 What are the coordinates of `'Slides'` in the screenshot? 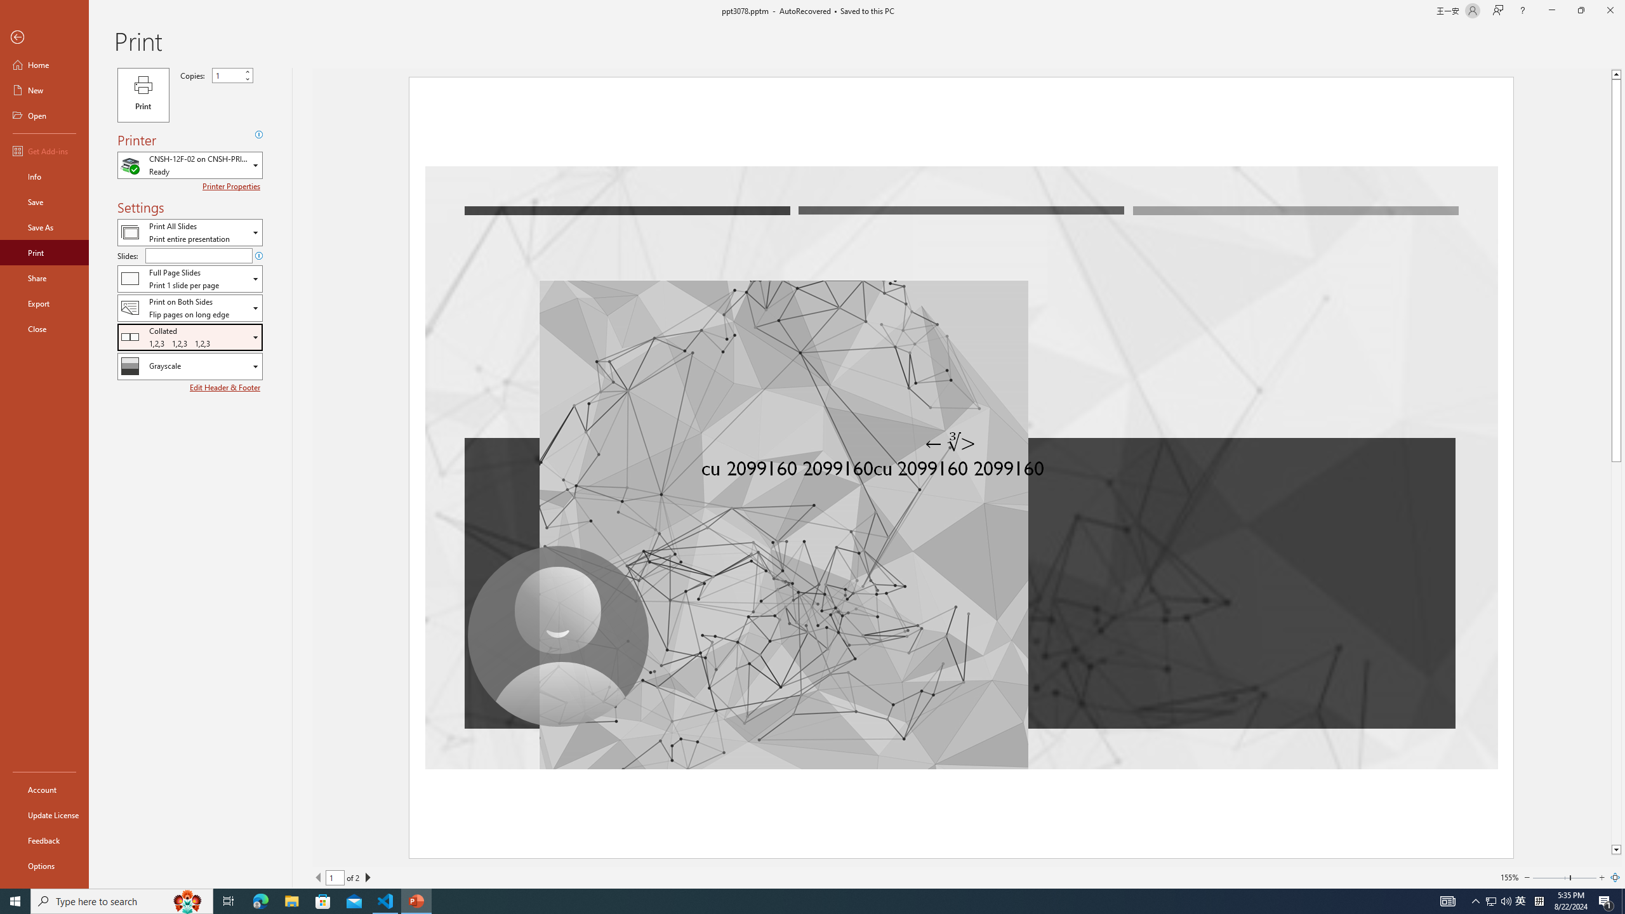 It's located at (199, 255).